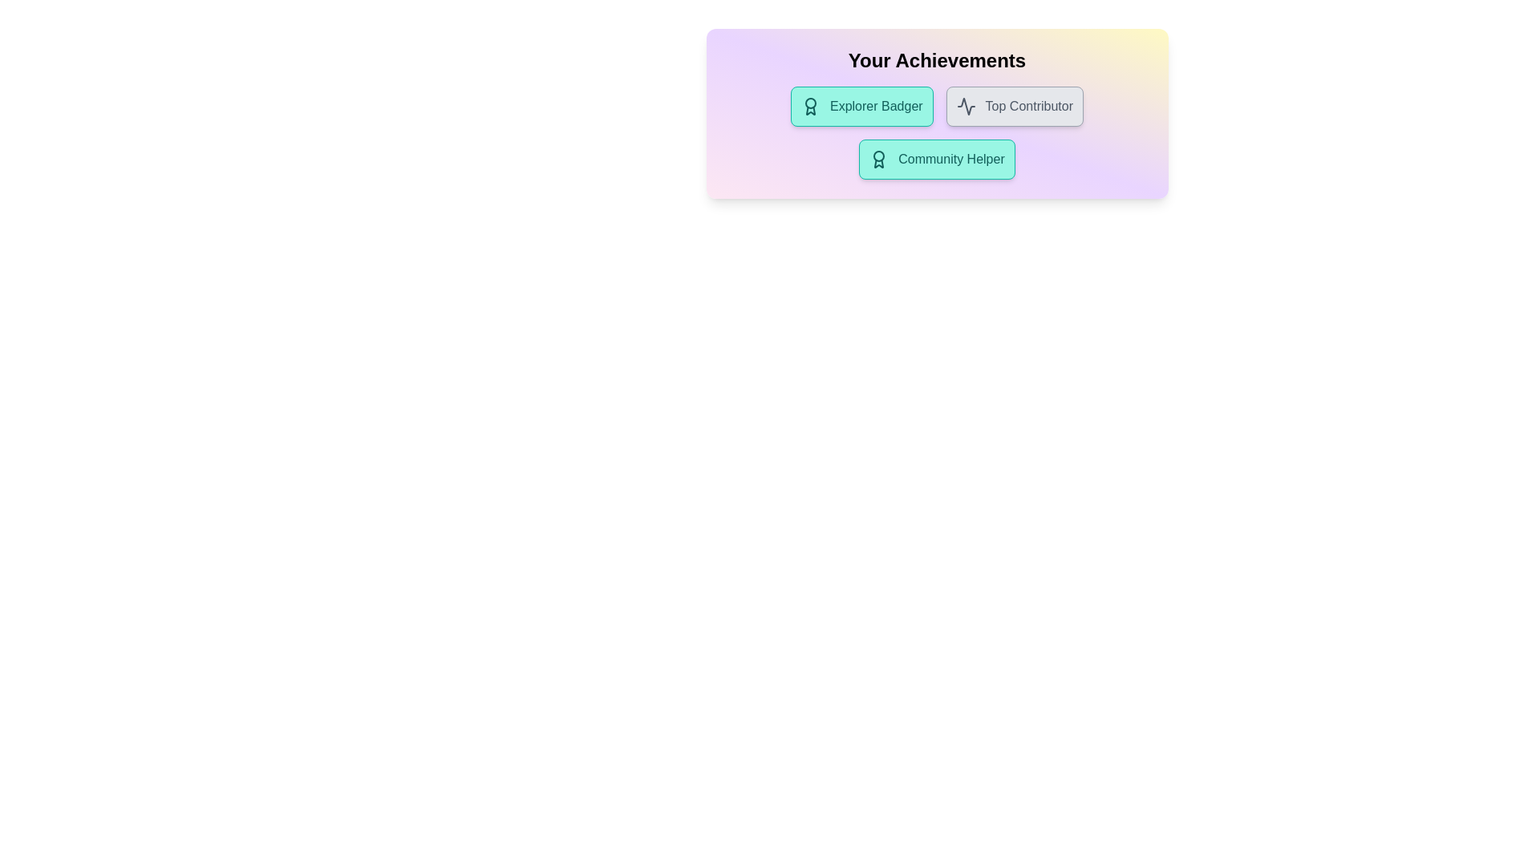  I want to click on the icon within the chip labeled 'Community Helper', so click(878, 160).